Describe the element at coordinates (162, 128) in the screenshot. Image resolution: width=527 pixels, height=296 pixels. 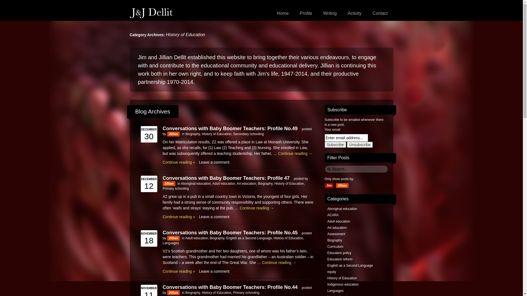
I see `'Conversations with Baby Boomer Teachers: Profile No.49'` at that location.